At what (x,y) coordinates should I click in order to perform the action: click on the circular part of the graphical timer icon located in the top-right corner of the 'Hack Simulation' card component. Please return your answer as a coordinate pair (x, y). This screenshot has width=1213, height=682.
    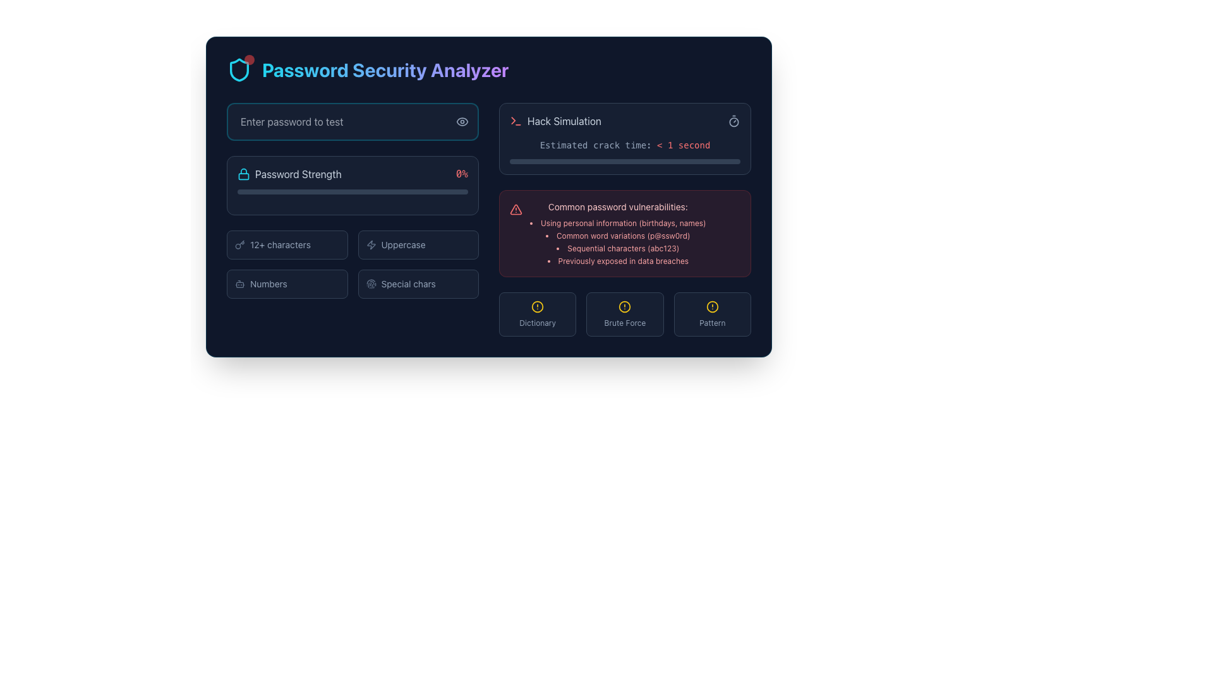
    Looking at the image, I should click on (733, 121).